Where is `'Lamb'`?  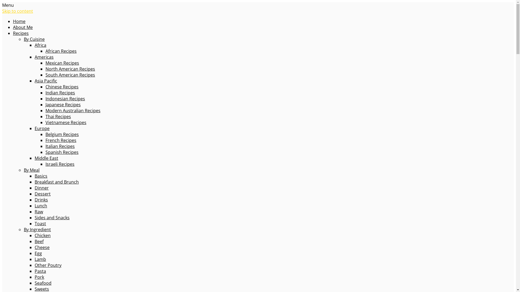
'Lamb' is located at coordinates (34, 259).